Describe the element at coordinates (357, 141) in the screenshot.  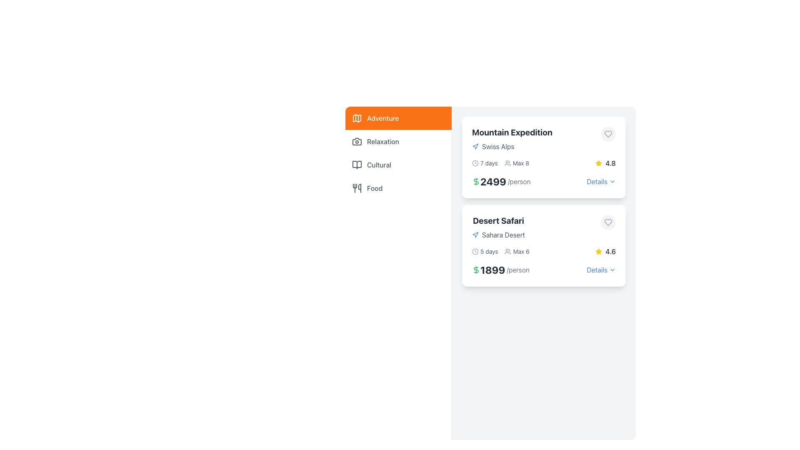
I see `the 'Relaxation' icon in the left-hand navigation menu` at that location.